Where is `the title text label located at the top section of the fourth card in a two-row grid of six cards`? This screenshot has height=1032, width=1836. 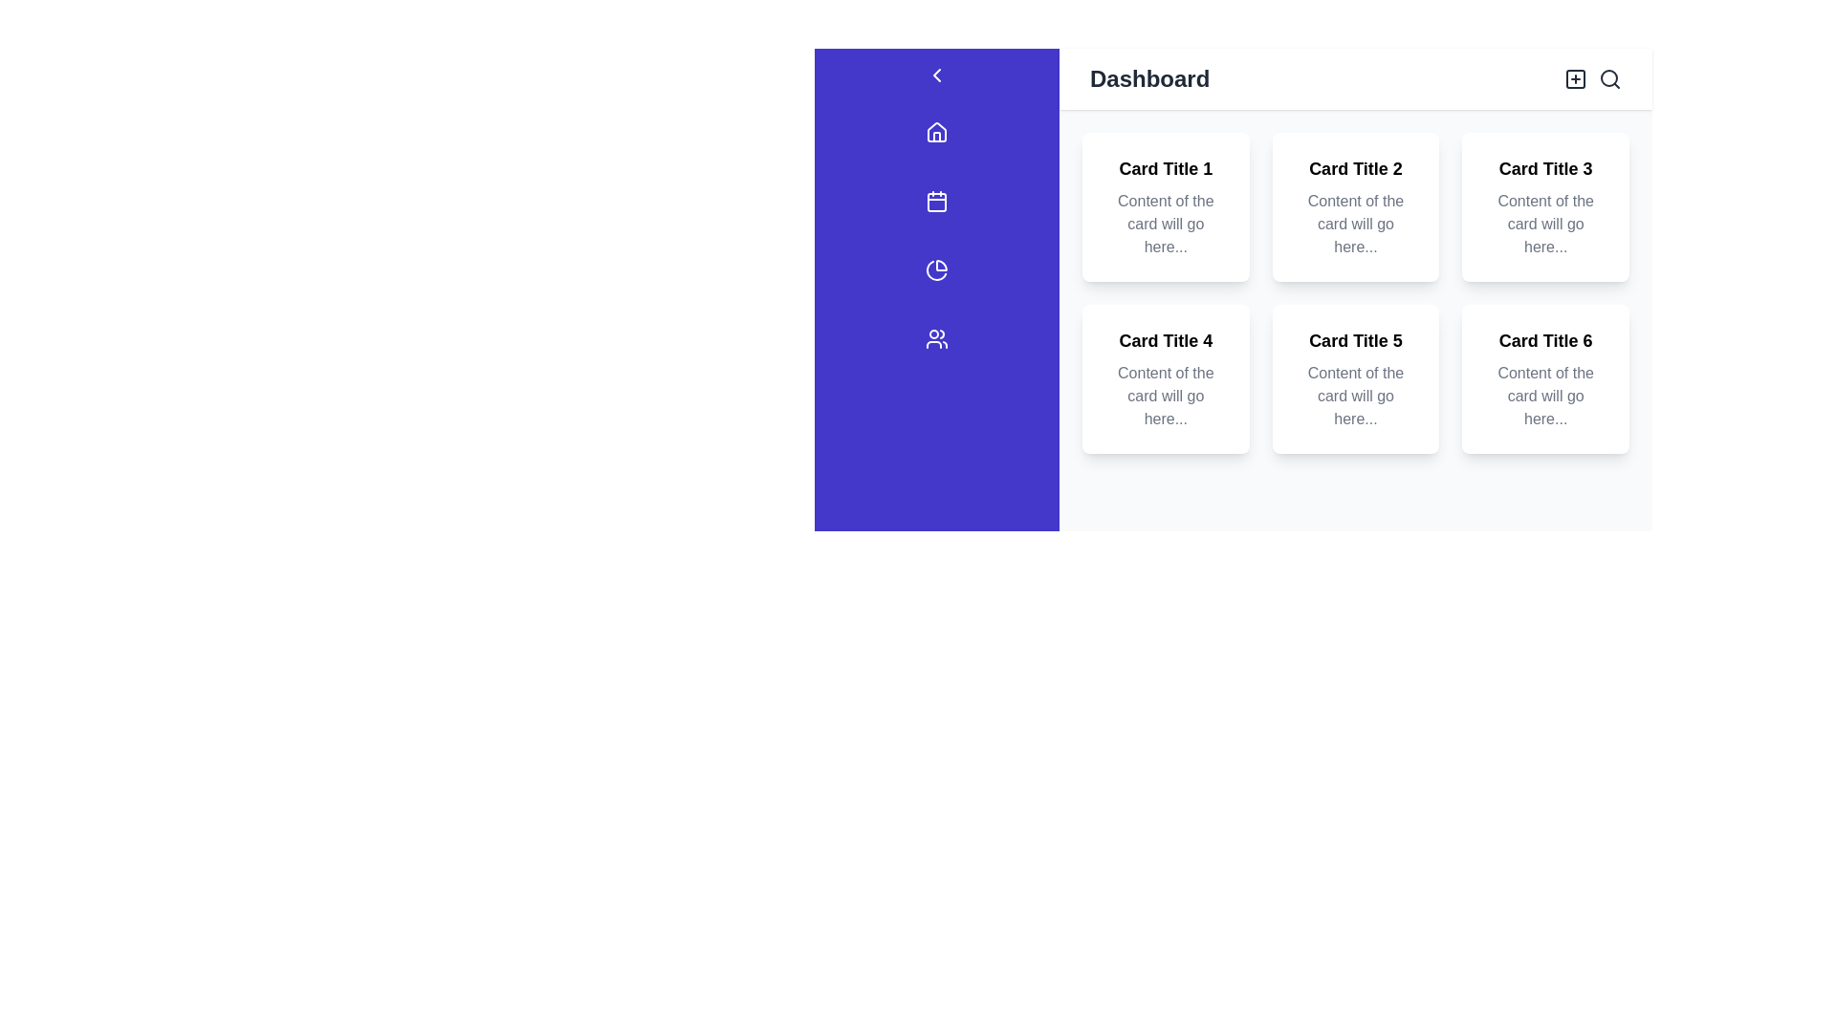
the title text label located at the top section of the fourth card in a two-row grid of six cards is located at coordinates (1165, 340).